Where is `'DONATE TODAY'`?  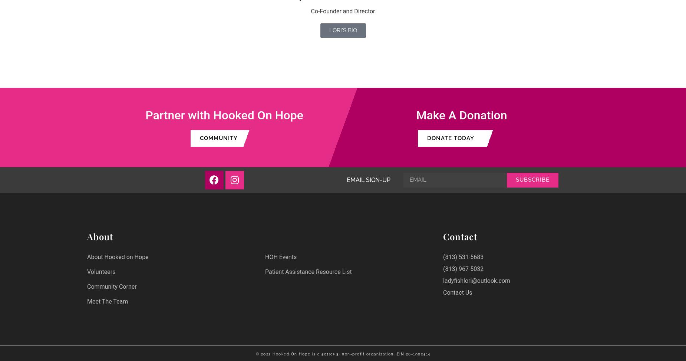
'DONATE TODAY' is located at coordinates (450, 138).